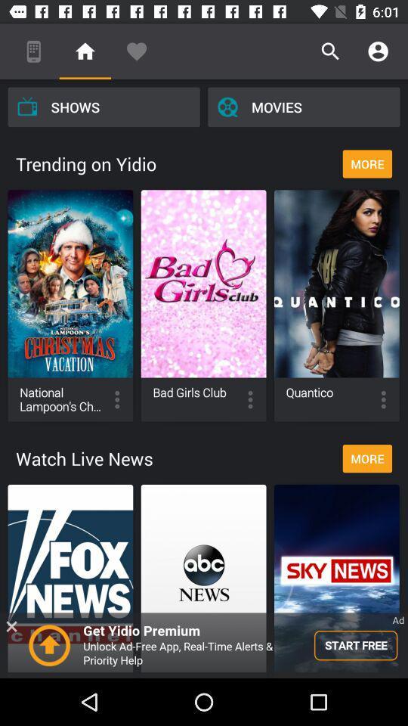 The image size is (408, 726). What do you see at coordinates (377, 51) in the screenshot?
I see `the item above movies` at bounding box center [377, 51].